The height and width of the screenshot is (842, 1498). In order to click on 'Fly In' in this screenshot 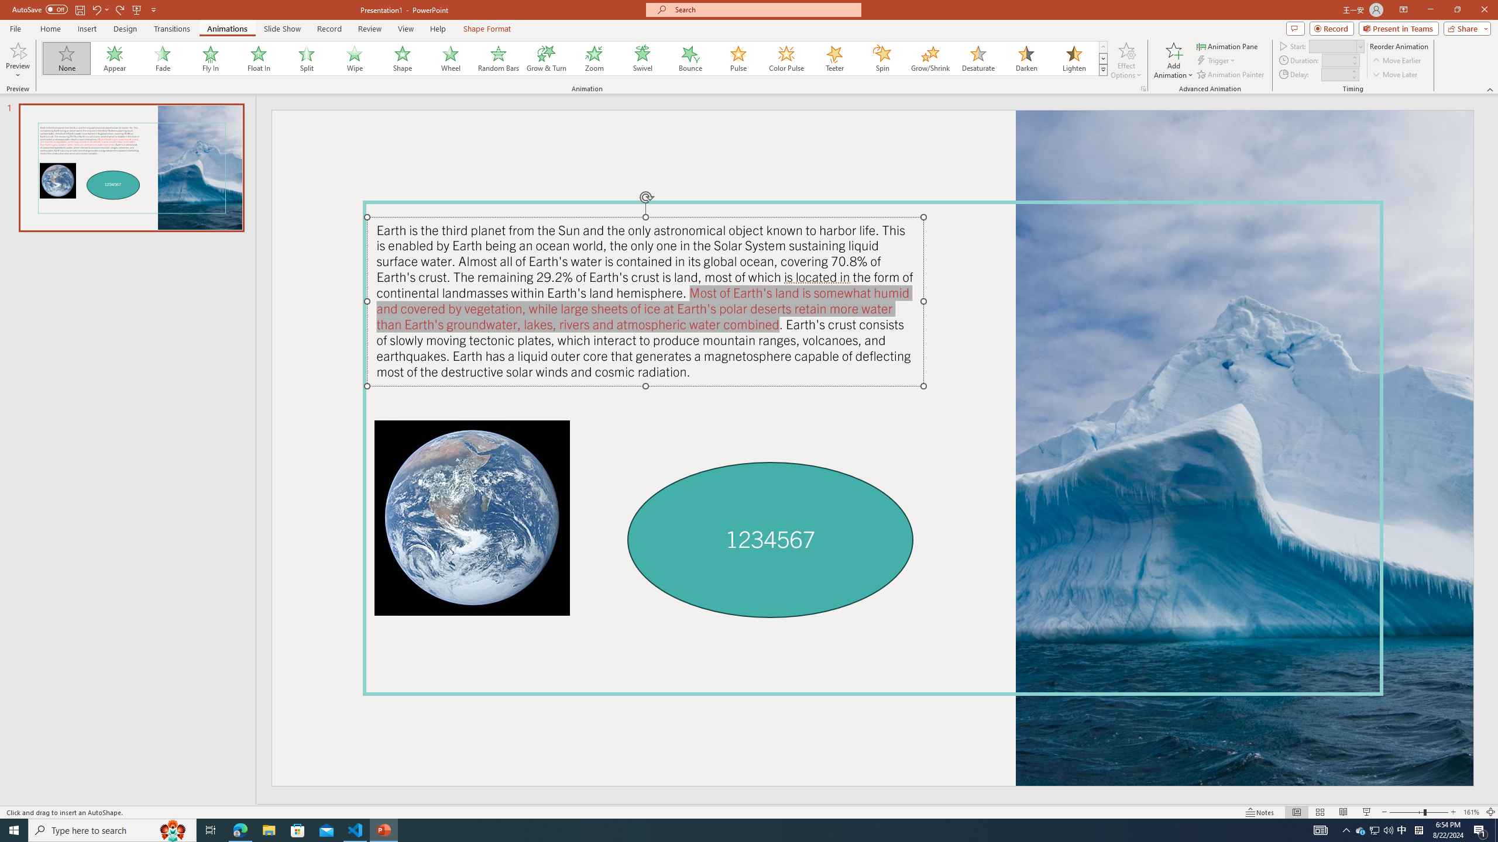, I will do `click(210, 58)`.